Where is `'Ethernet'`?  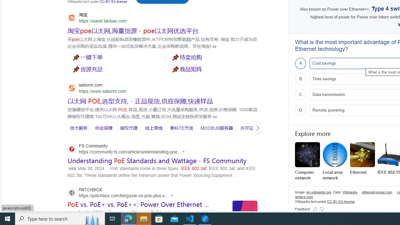 'Ethernet' is located at coordinates (362, 155).